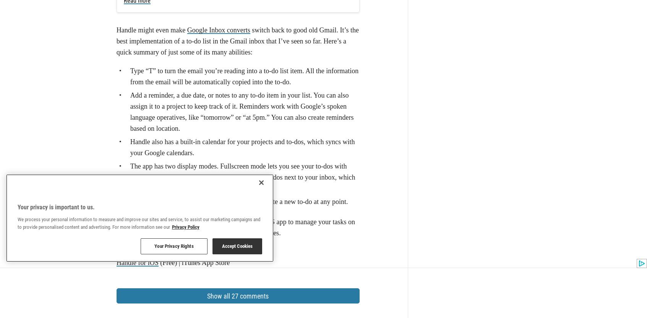 The width and height of the screenshot is (647, 318). Describe the element at coordinates (242, 35) in the screenshot. I see `'The app has two display modes. Fullscreen mode lets you see your to-dos with your Handle calendar. Sidebar mode shows your to-dos next to your inbox, which is invaluable while sorting your inbox.'` at that location.